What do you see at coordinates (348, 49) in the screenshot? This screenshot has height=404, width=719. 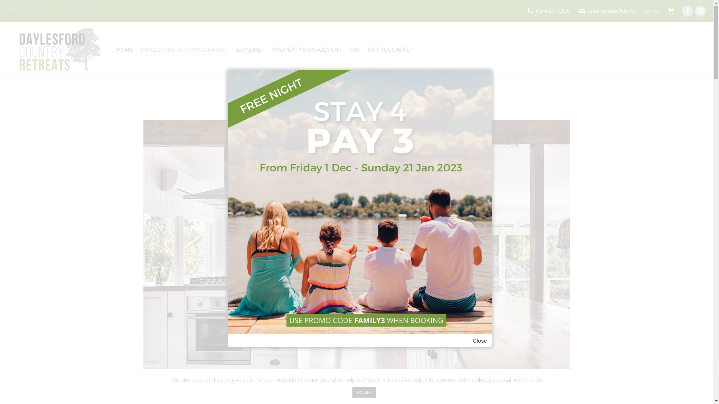 I see `'FAQ'` at bounding box center [348, 49].